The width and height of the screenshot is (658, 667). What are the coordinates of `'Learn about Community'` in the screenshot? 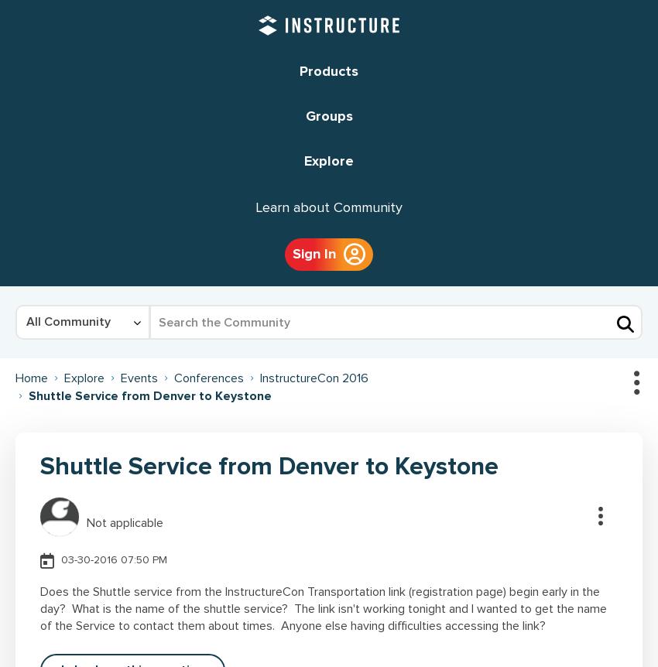 It's located at (328, 207).